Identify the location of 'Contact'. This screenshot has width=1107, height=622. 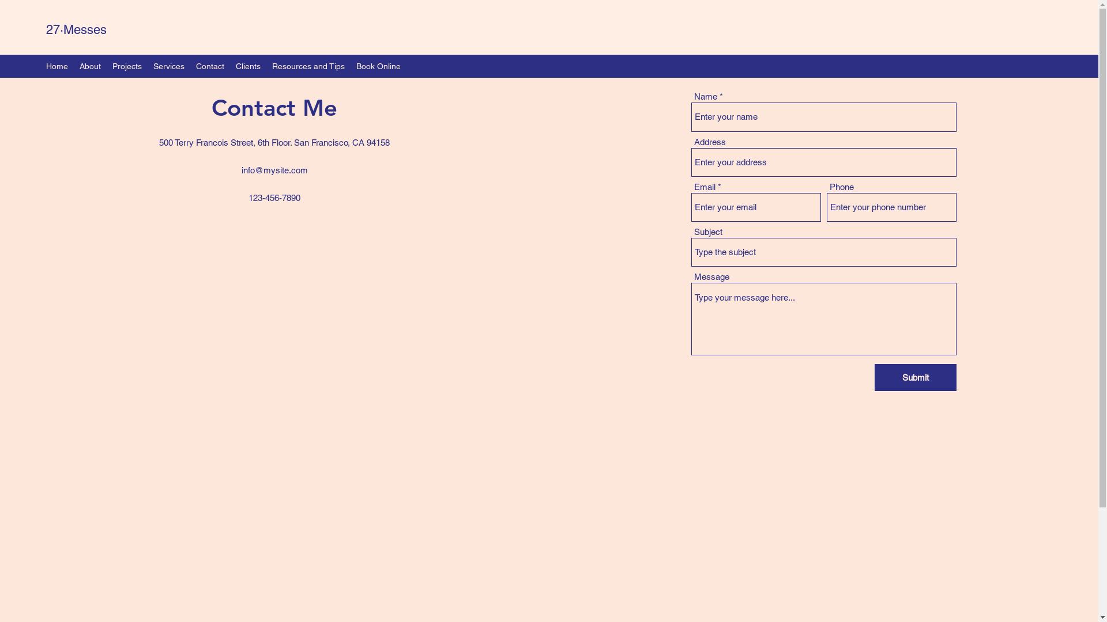
(210, 66).